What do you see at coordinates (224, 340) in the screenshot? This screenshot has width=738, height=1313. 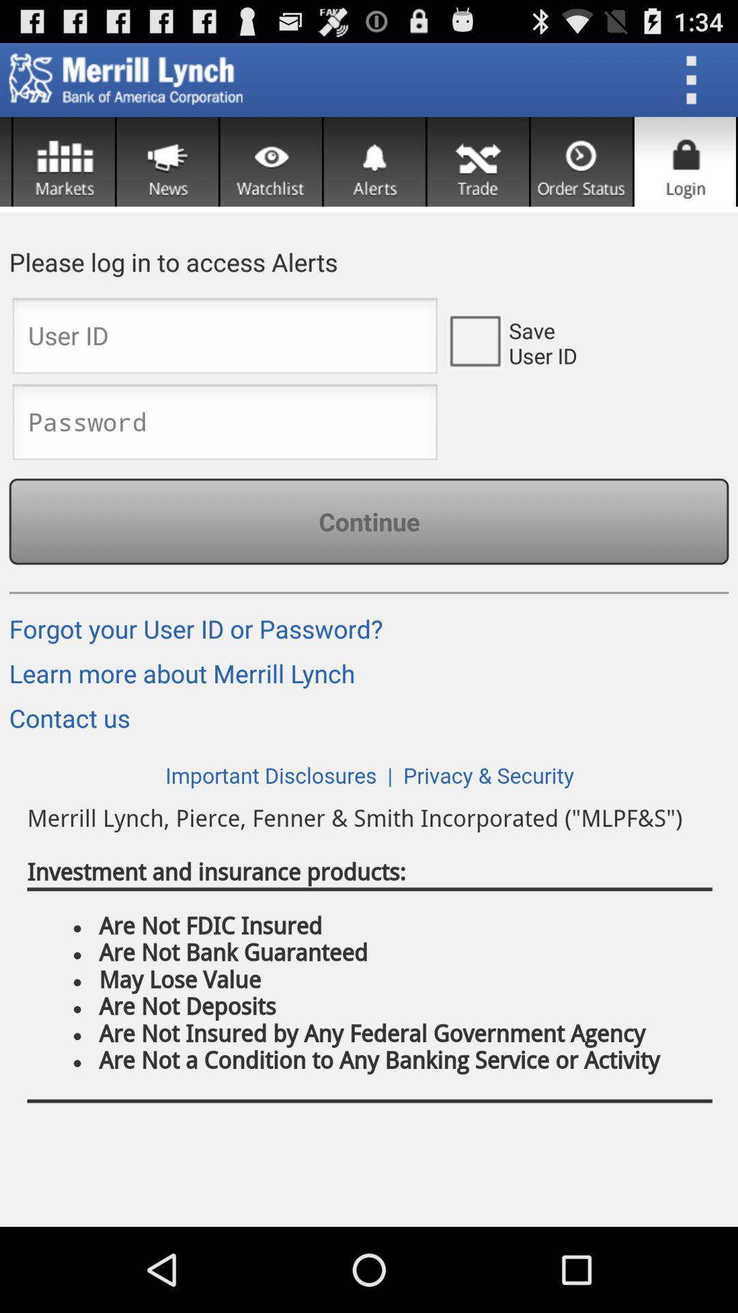 I see `userid` at bounding box center [224, 340].